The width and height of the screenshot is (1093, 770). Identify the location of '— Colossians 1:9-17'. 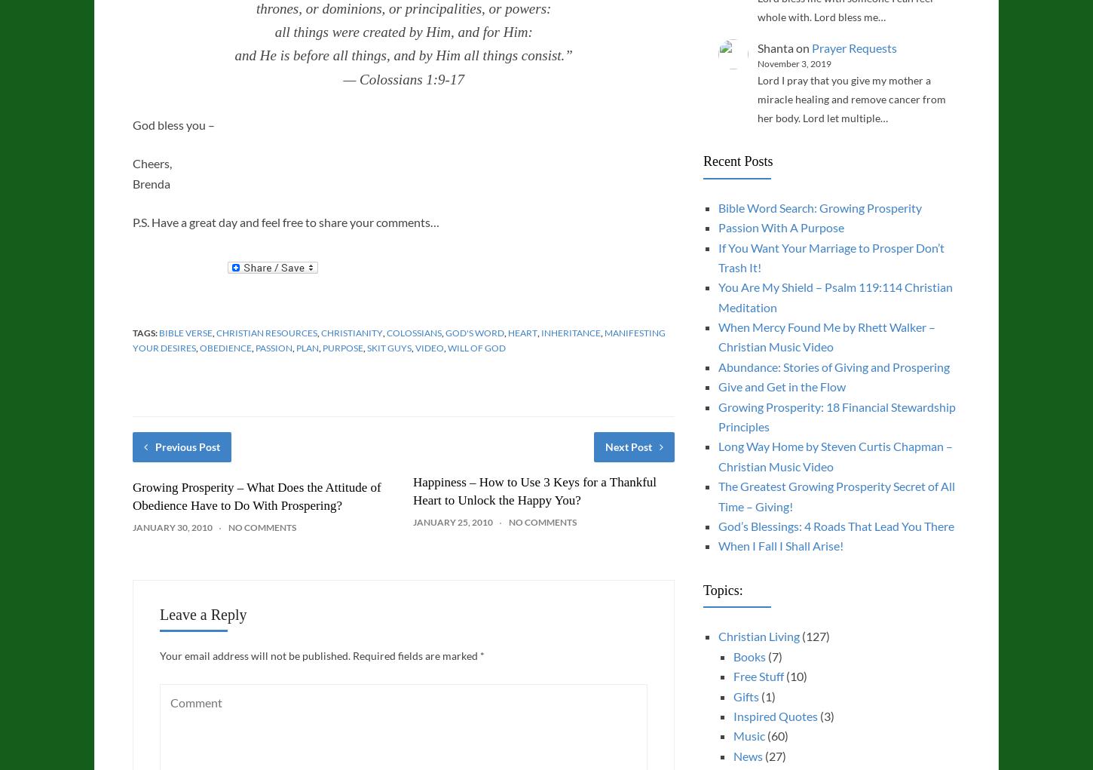
(403, 78).